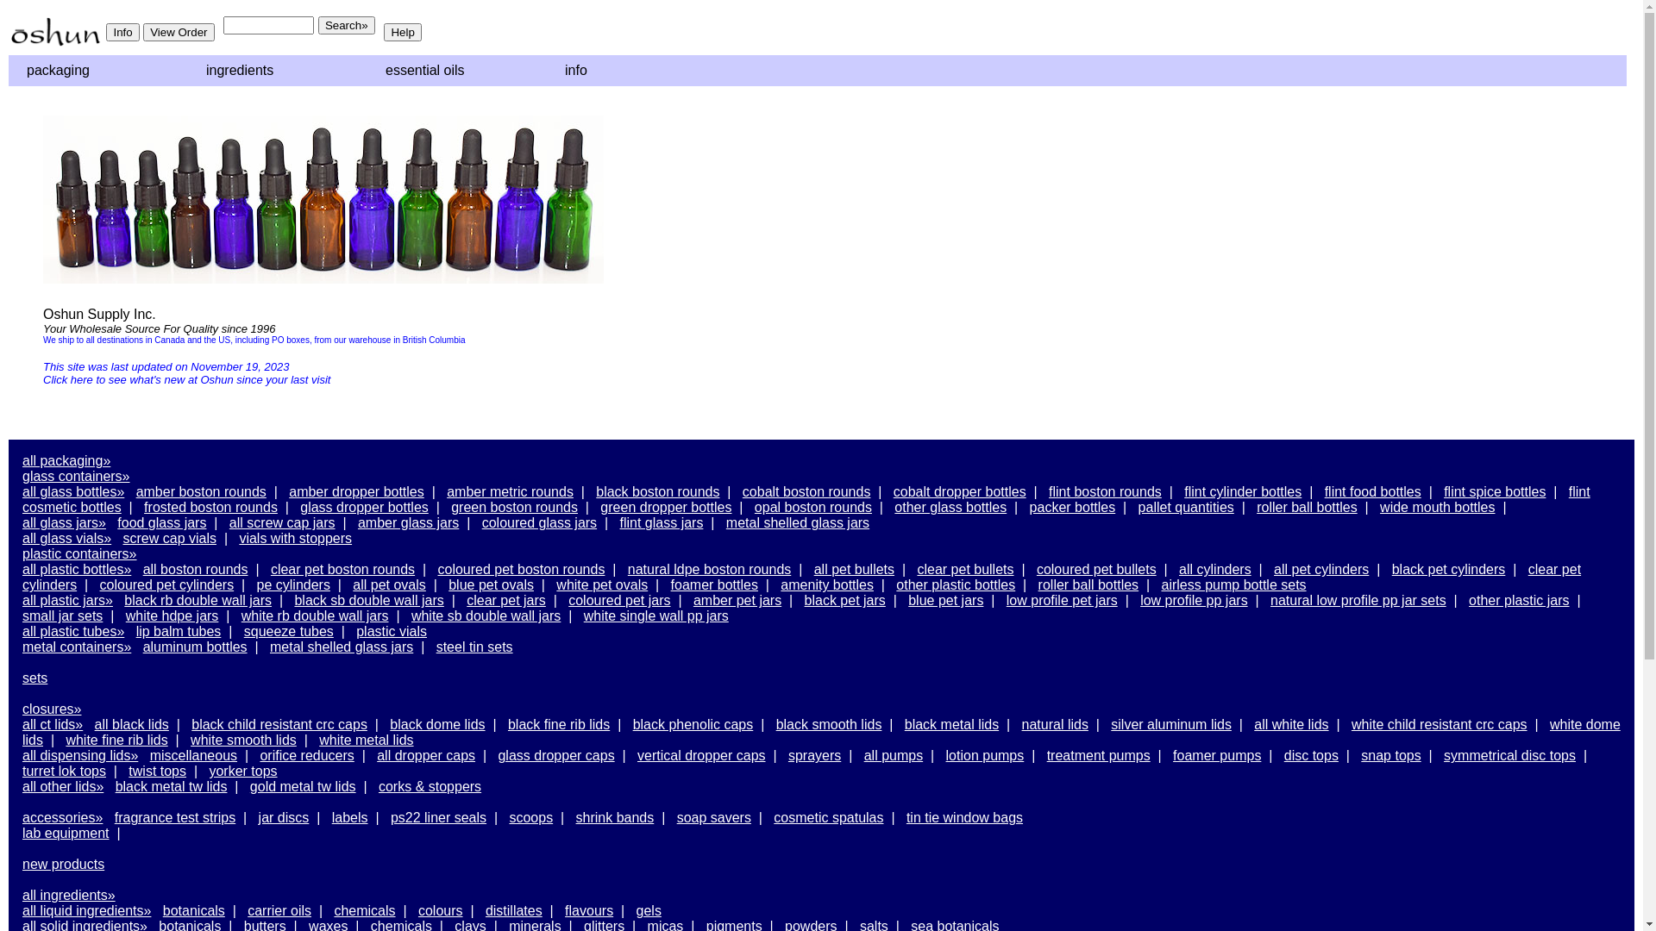  Describe the element at coordinates (195, 647) in the screenshot. I see `'aluminum bottles'` at that location.